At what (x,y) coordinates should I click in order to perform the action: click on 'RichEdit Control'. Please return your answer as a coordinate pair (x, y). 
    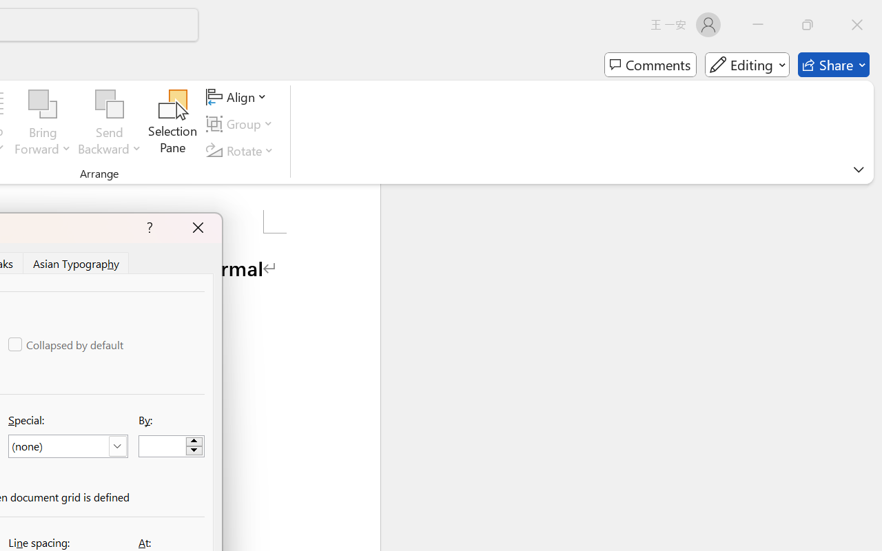
    Looking at the image, I should click on (163, 446).